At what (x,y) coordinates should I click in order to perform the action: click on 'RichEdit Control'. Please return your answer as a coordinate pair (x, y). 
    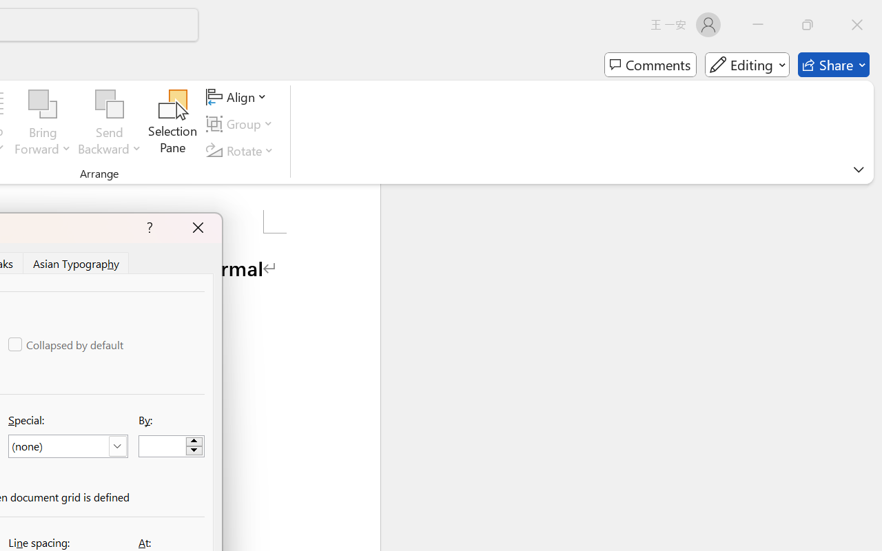
    Looking at the image, I should click on (163, 446).